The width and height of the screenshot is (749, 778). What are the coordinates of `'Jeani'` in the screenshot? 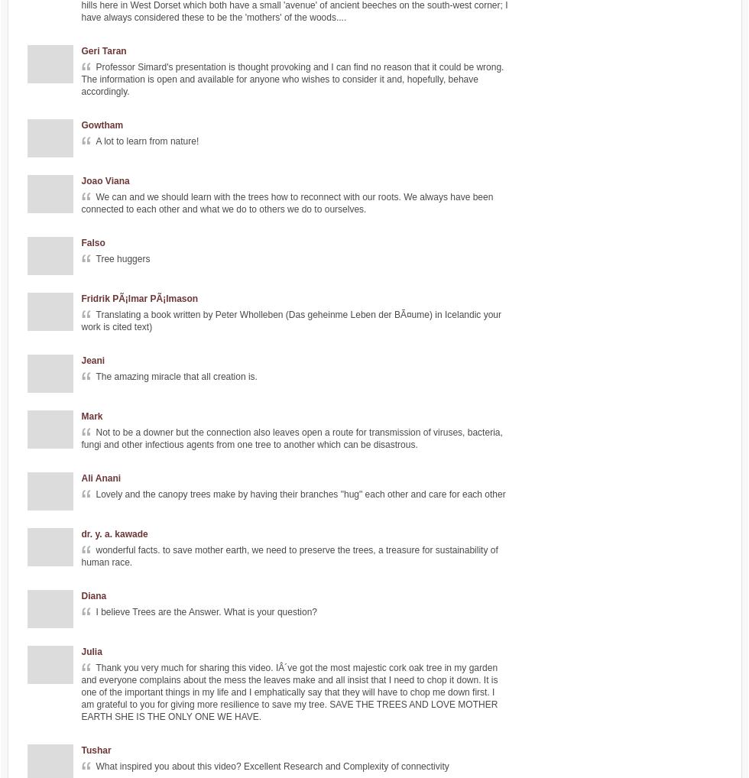 It's located at (92, 361).